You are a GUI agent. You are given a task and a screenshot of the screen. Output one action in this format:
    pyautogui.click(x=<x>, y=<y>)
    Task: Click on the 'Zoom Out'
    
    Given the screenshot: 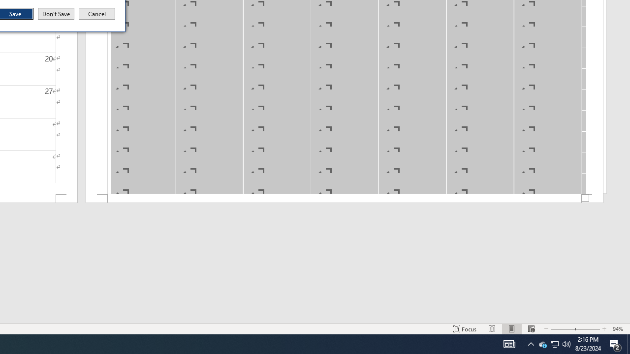 What is the action you would take?
    pyautogui.click(x=562, y=329)
    